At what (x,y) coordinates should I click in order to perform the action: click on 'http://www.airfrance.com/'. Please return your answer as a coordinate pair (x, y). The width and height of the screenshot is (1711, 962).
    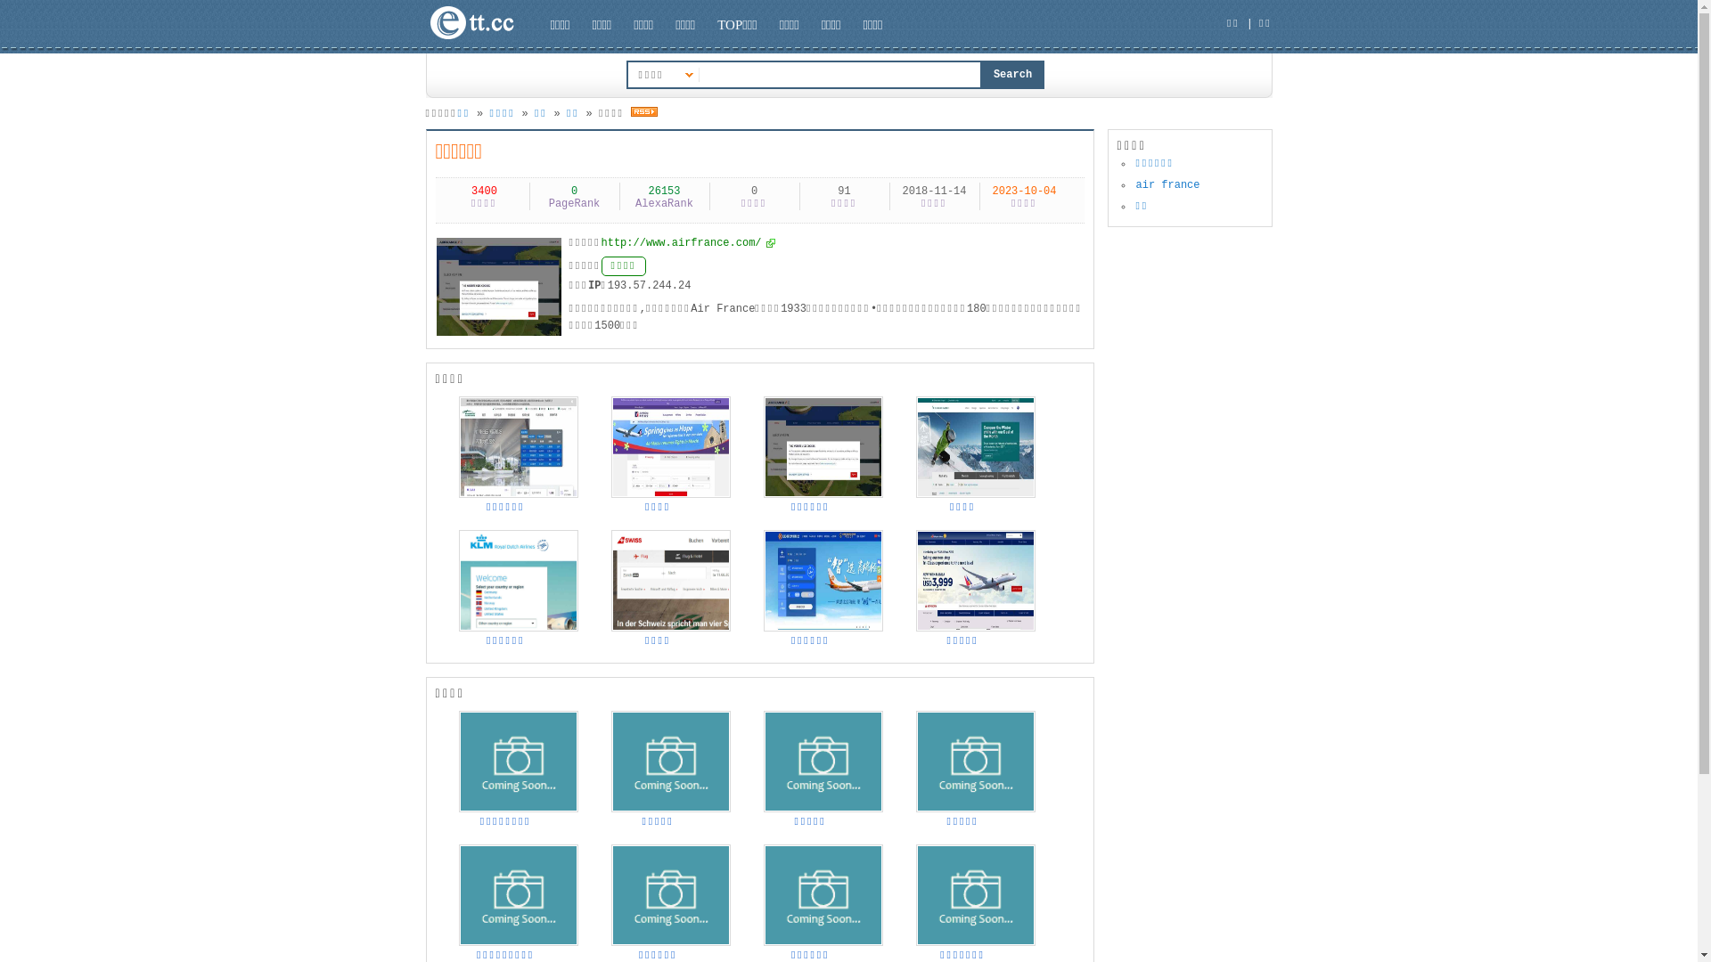
    Looking at the image, I should click on (687, 243).